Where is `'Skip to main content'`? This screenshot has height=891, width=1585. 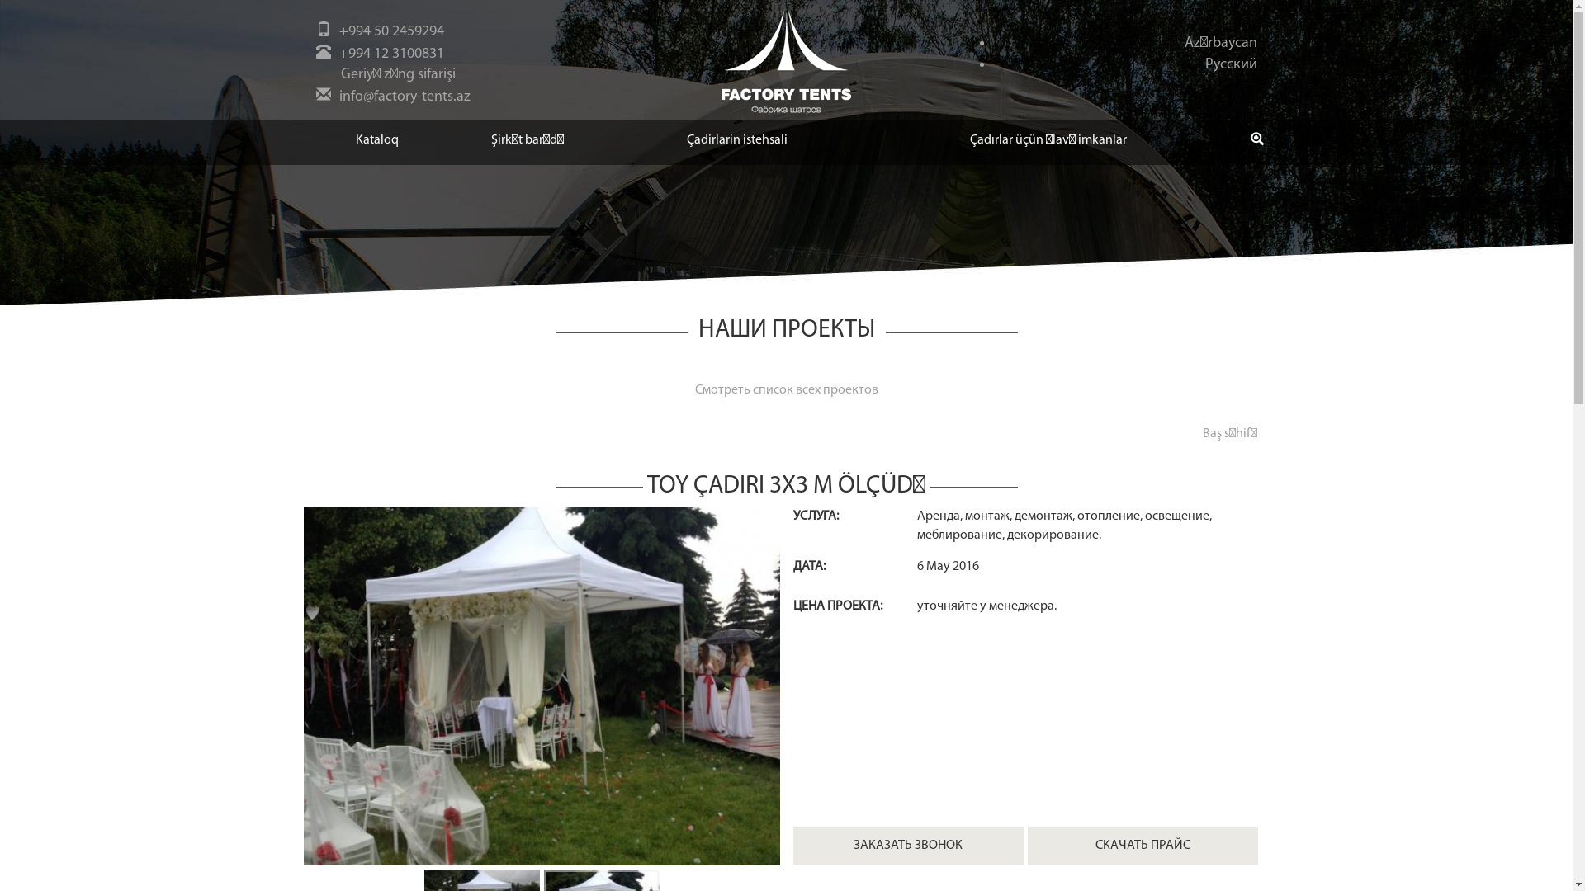 'Skip to main content' is located at coordinates (0, 0).